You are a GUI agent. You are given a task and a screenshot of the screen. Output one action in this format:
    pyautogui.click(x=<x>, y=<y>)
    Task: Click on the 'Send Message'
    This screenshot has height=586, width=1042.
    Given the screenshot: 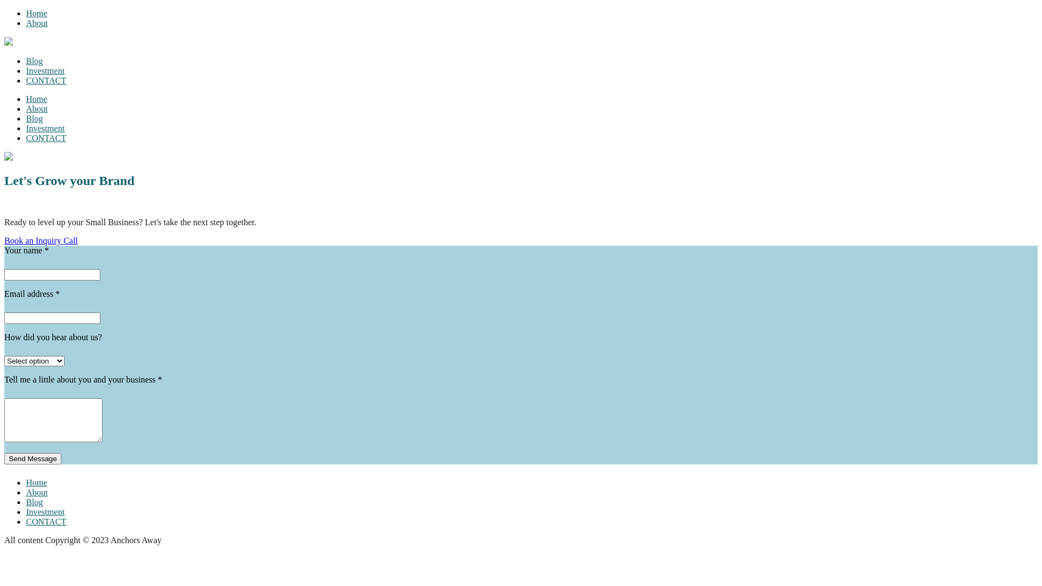 What is the action you would take?
    pyautogui.click(x=33, y=458)
    